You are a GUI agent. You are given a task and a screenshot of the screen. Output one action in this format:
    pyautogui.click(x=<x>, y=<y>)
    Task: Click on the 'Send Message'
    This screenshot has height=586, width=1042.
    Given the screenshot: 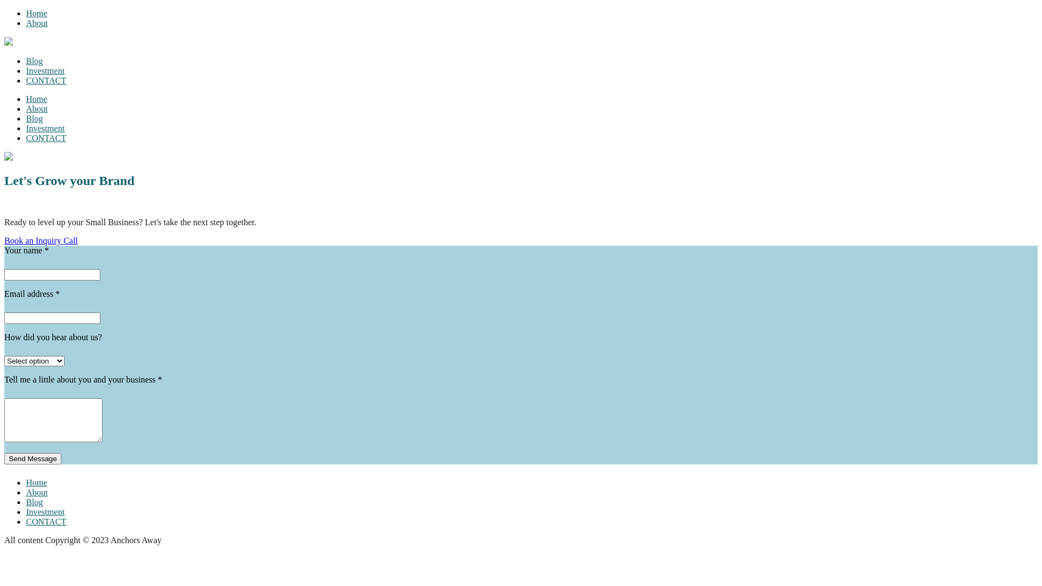 What is the action you would take?
    pyautogui.click(x=33, y=458)
    